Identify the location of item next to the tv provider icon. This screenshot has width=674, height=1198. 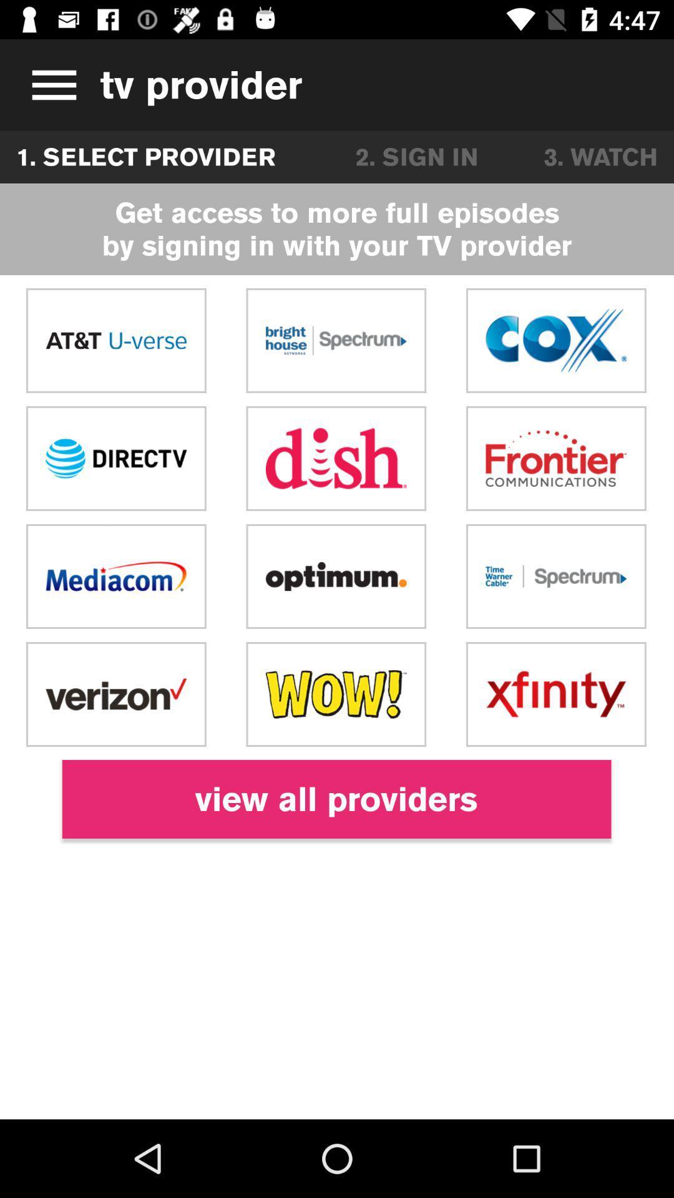
(49, 84).